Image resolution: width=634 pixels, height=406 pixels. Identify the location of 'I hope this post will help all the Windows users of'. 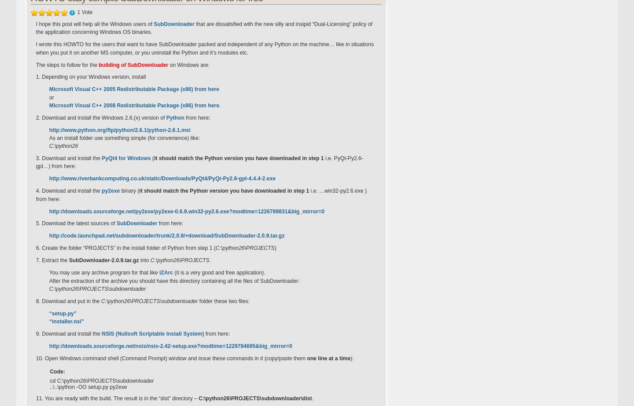
(94, 24).